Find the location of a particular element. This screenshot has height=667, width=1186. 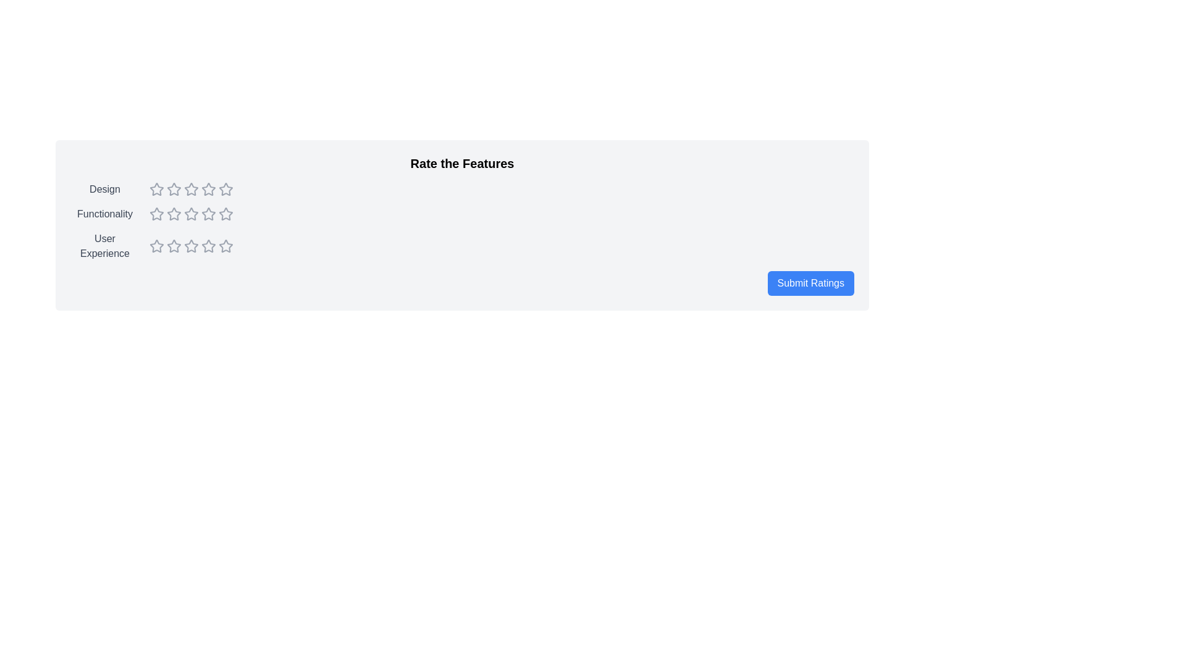

the third star icon in the row of five icons for the 'User Experience' rating category is located at coordinates (174, 246).